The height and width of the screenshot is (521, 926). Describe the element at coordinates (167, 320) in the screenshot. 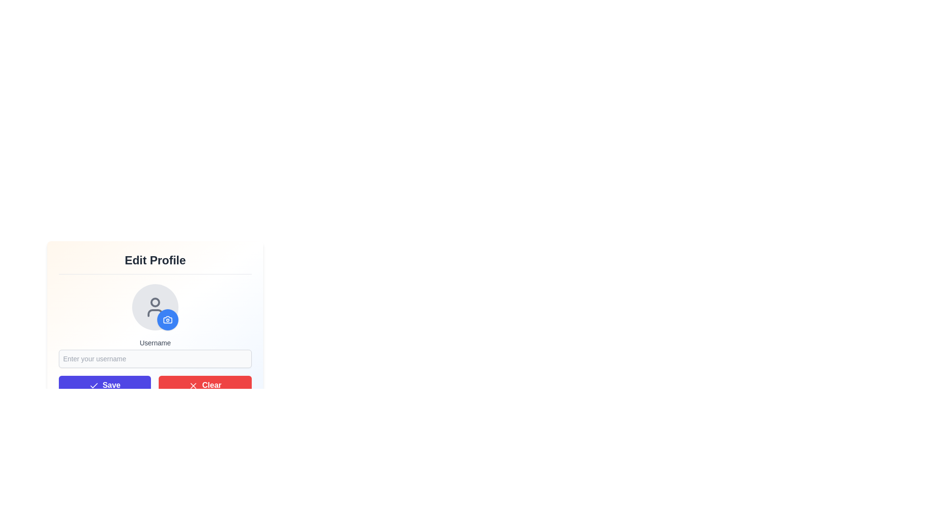

I see `the camera icon, which is a simple line drawing representing a camera, located within a small blue circular button adjacent to the user avatar picture in the profile editing section` at that location.